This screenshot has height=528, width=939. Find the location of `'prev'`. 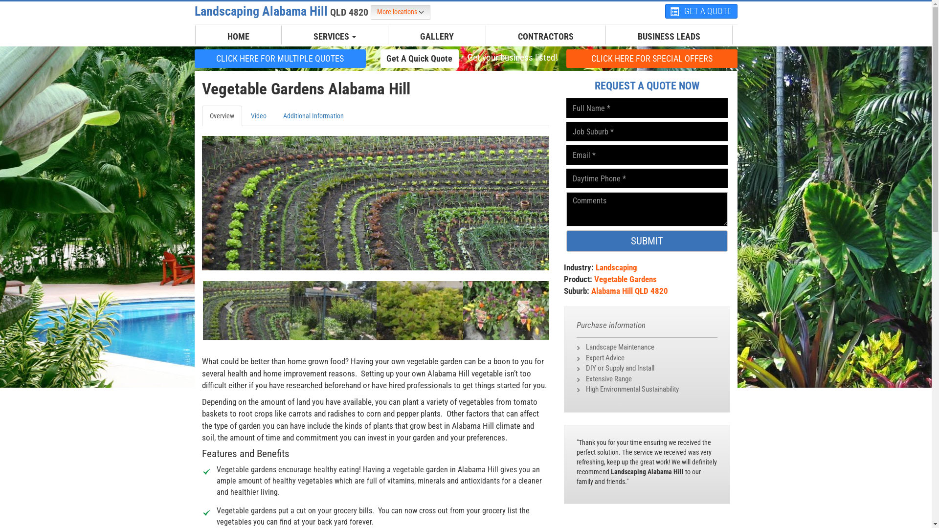

'prev' is located at coordinates (227, 303).